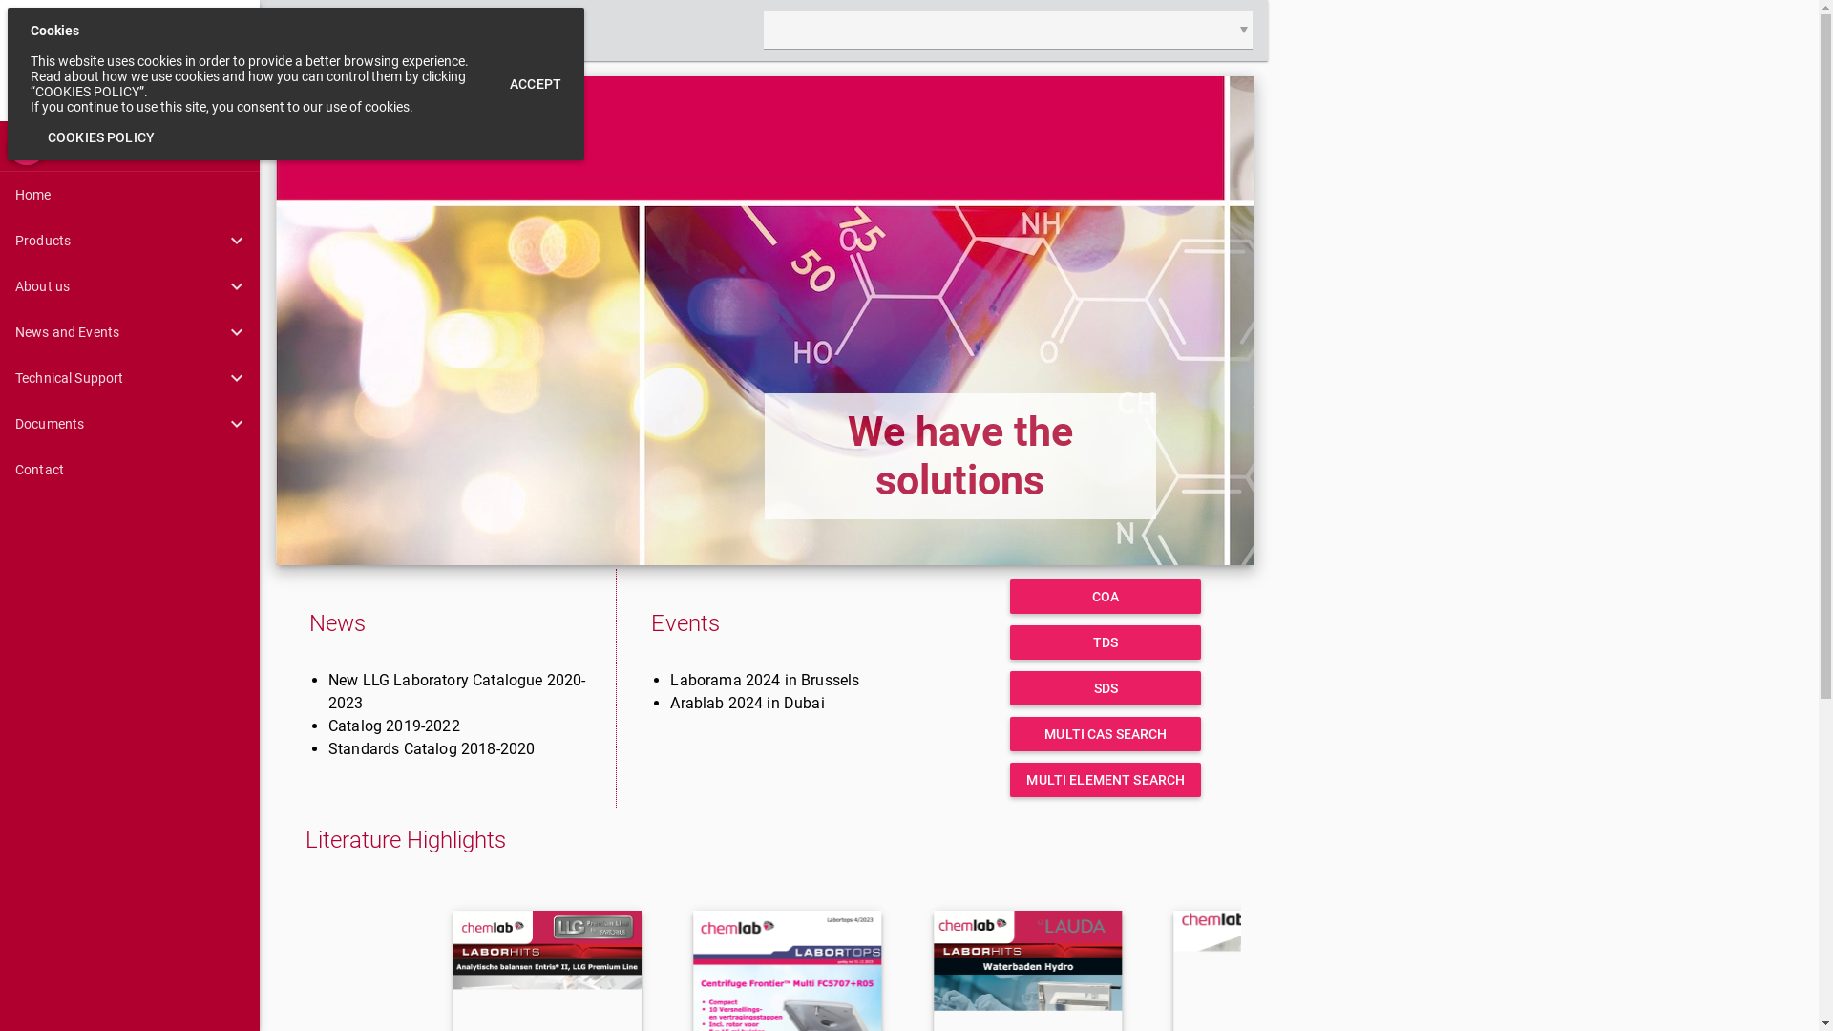  Describe the element at coordinates (1105, 642) in the screenshot. I see `'TDS'` at that location.